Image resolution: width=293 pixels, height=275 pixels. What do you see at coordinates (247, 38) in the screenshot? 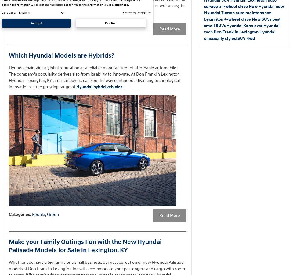
I see `'4wd'` at bounding box center [247, 38].